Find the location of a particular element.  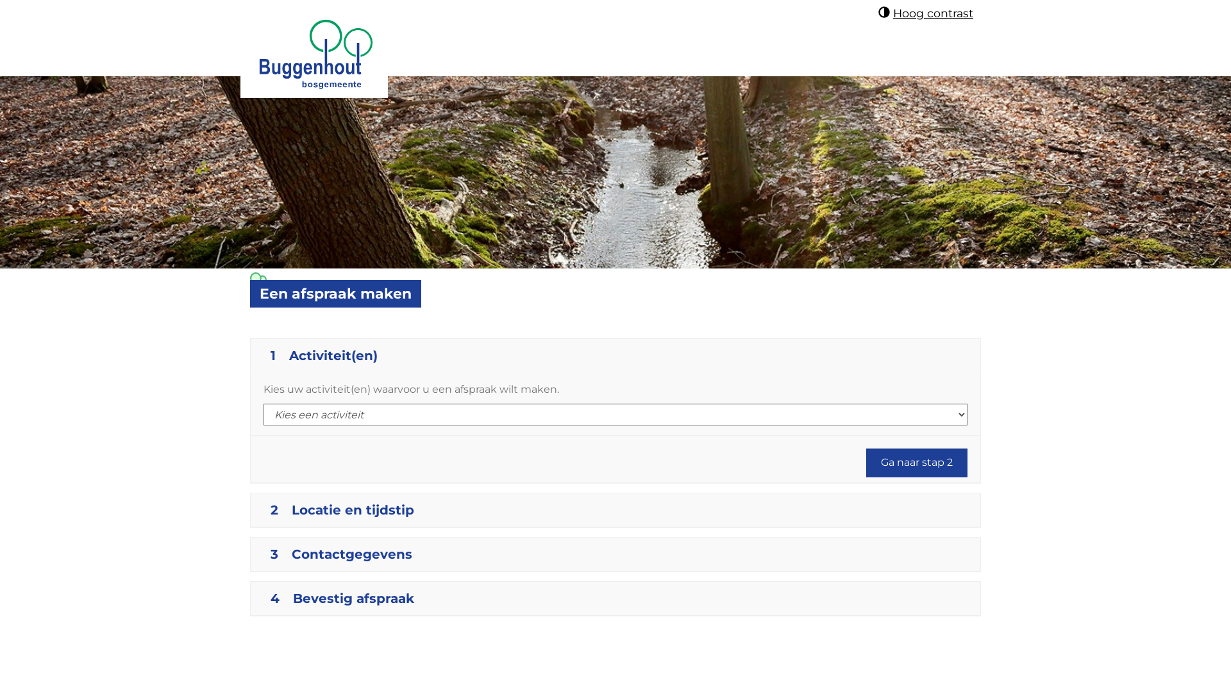

'Ga naar stap 2' is located at coordinates (916, 463).